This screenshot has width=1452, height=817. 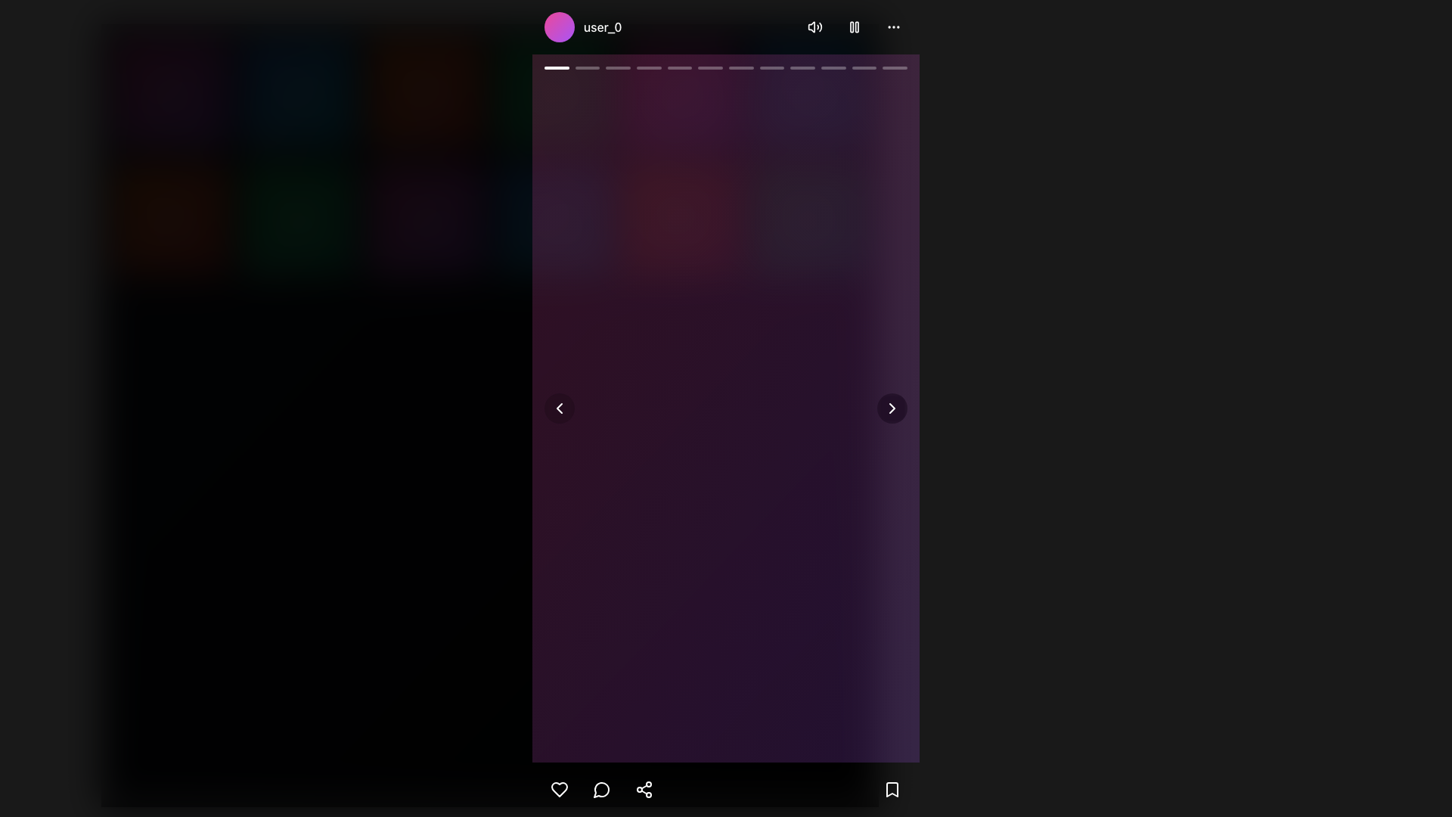 I want to click on the Vector-based share icon located at the center of the bottom navigation bar, so click(x=644, y=789).